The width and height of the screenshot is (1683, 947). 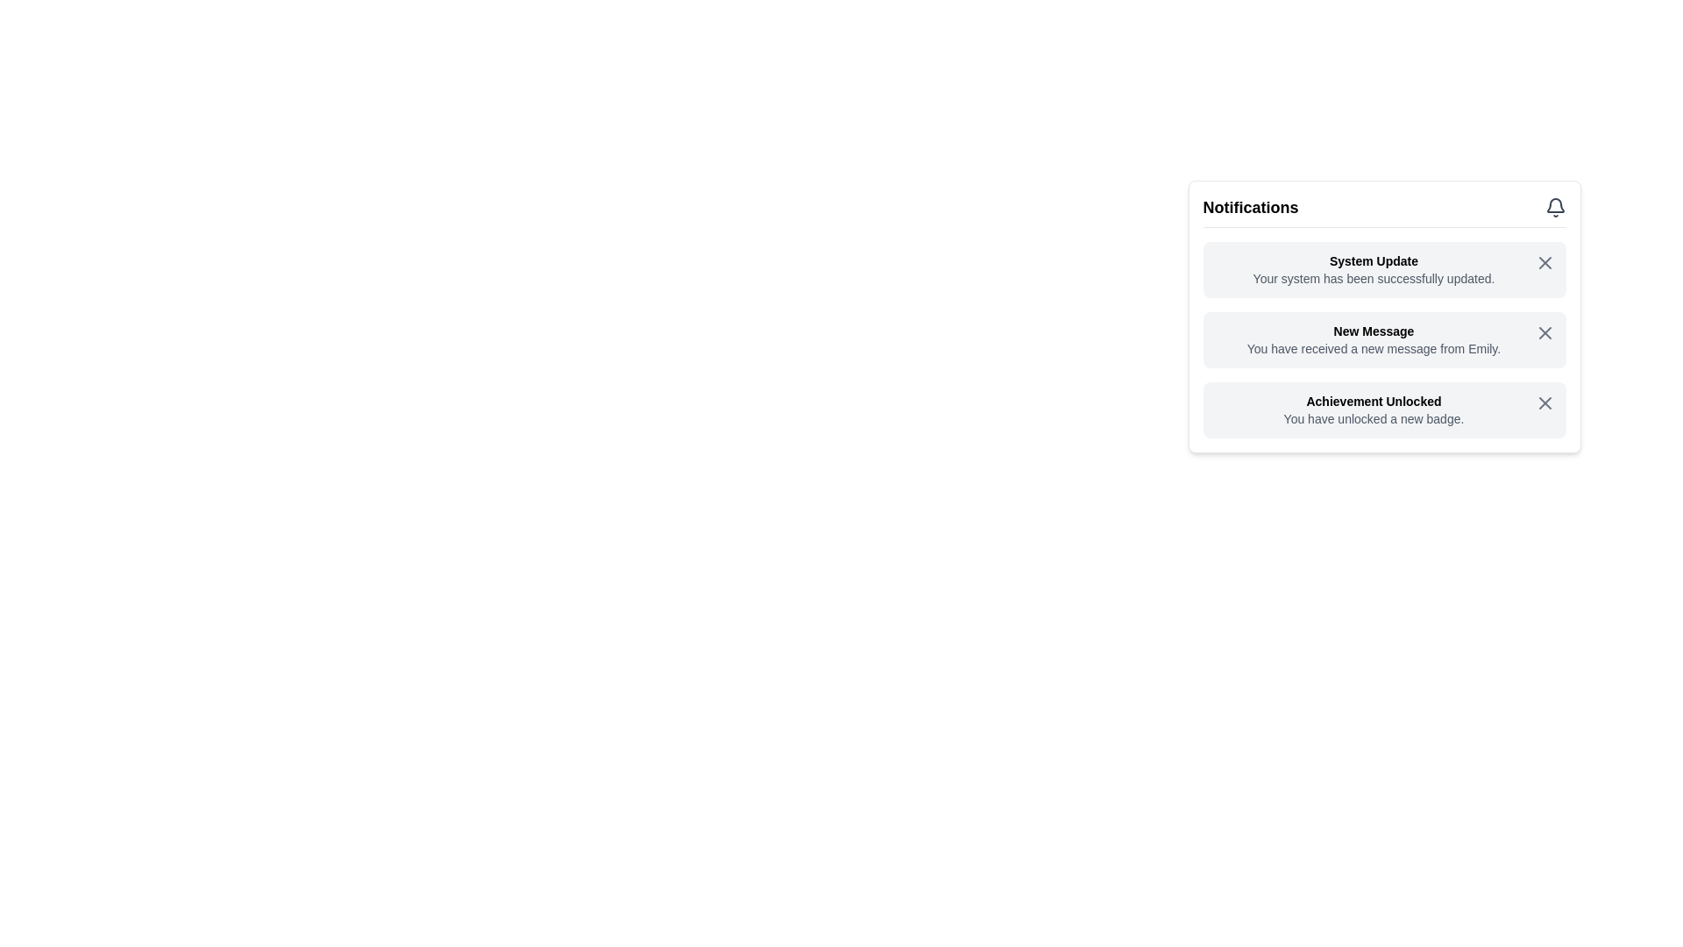 I want to click on text displayed in the notification card at the top of the list, which informs the user about the successful update of their system, so click(x=1373, y=270).